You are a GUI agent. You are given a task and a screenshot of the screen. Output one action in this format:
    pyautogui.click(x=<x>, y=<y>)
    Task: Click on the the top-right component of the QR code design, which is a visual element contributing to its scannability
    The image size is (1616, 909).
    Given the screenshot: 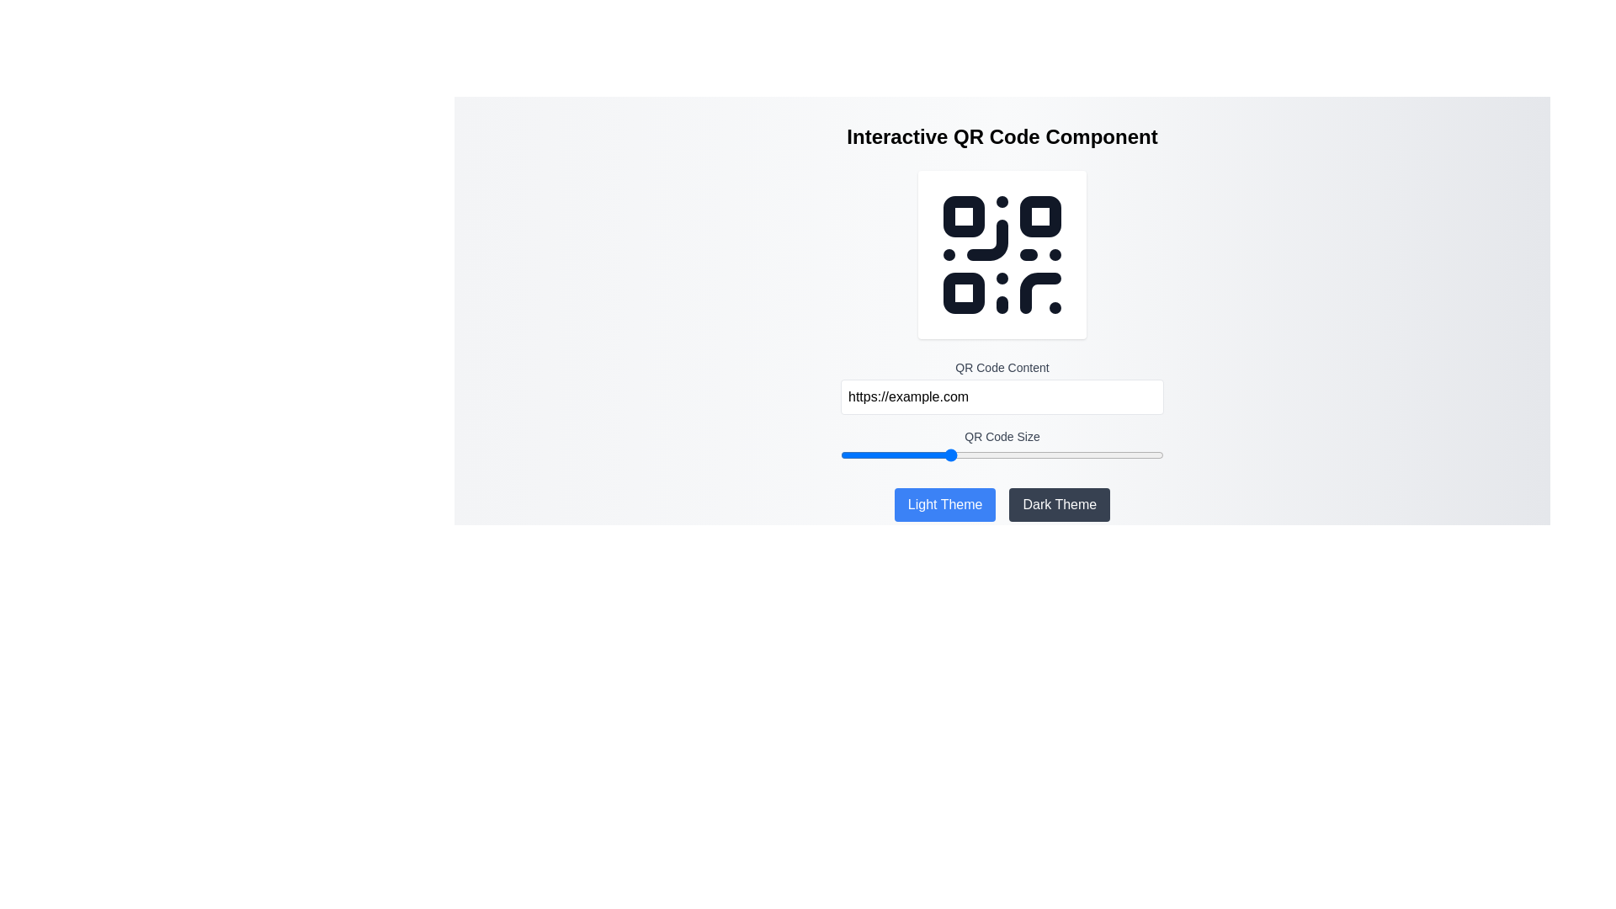 What is the action you would take?
    pyautogui.click(x=1039, y=215)
    